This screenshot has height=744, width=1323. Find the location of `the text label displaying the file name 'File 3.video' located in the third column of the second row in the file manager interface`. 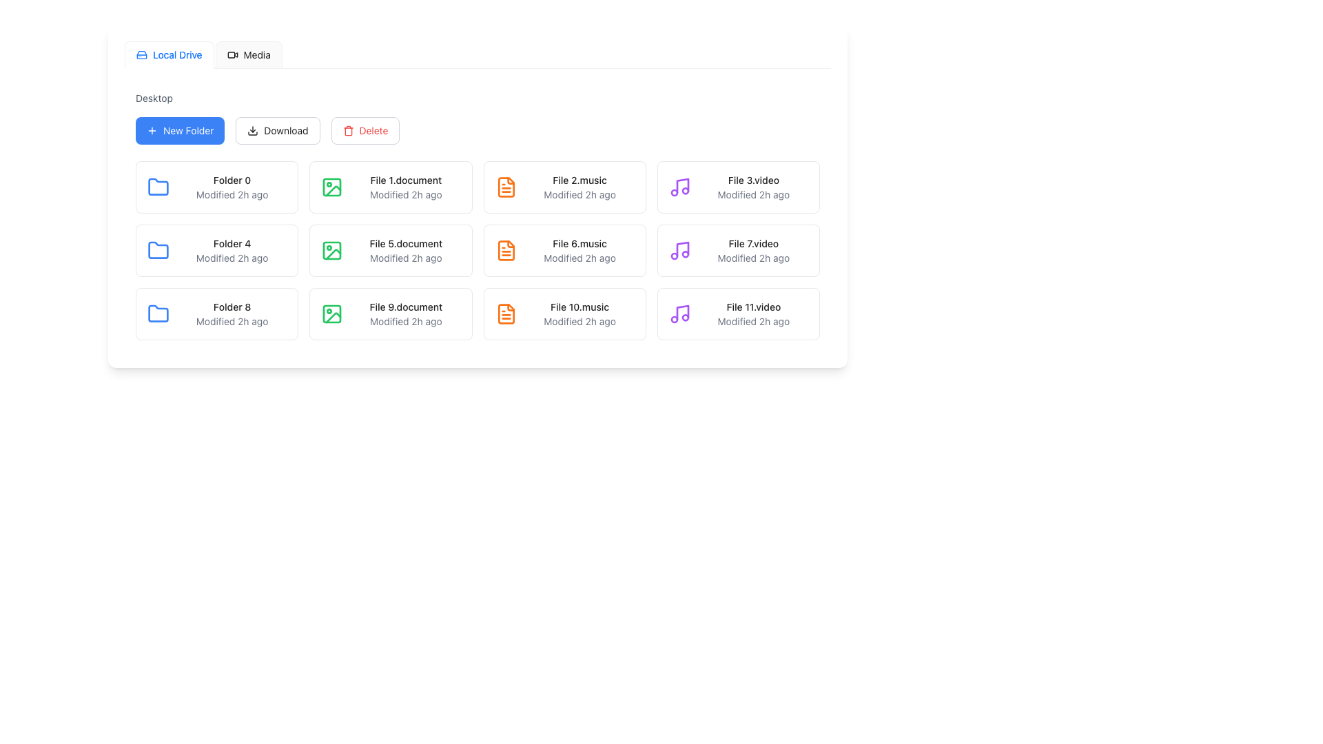

the text label displaying the file name 'File 3.video' located in the third column of the second row in the file manager interface is located at coordinates (752, 180).